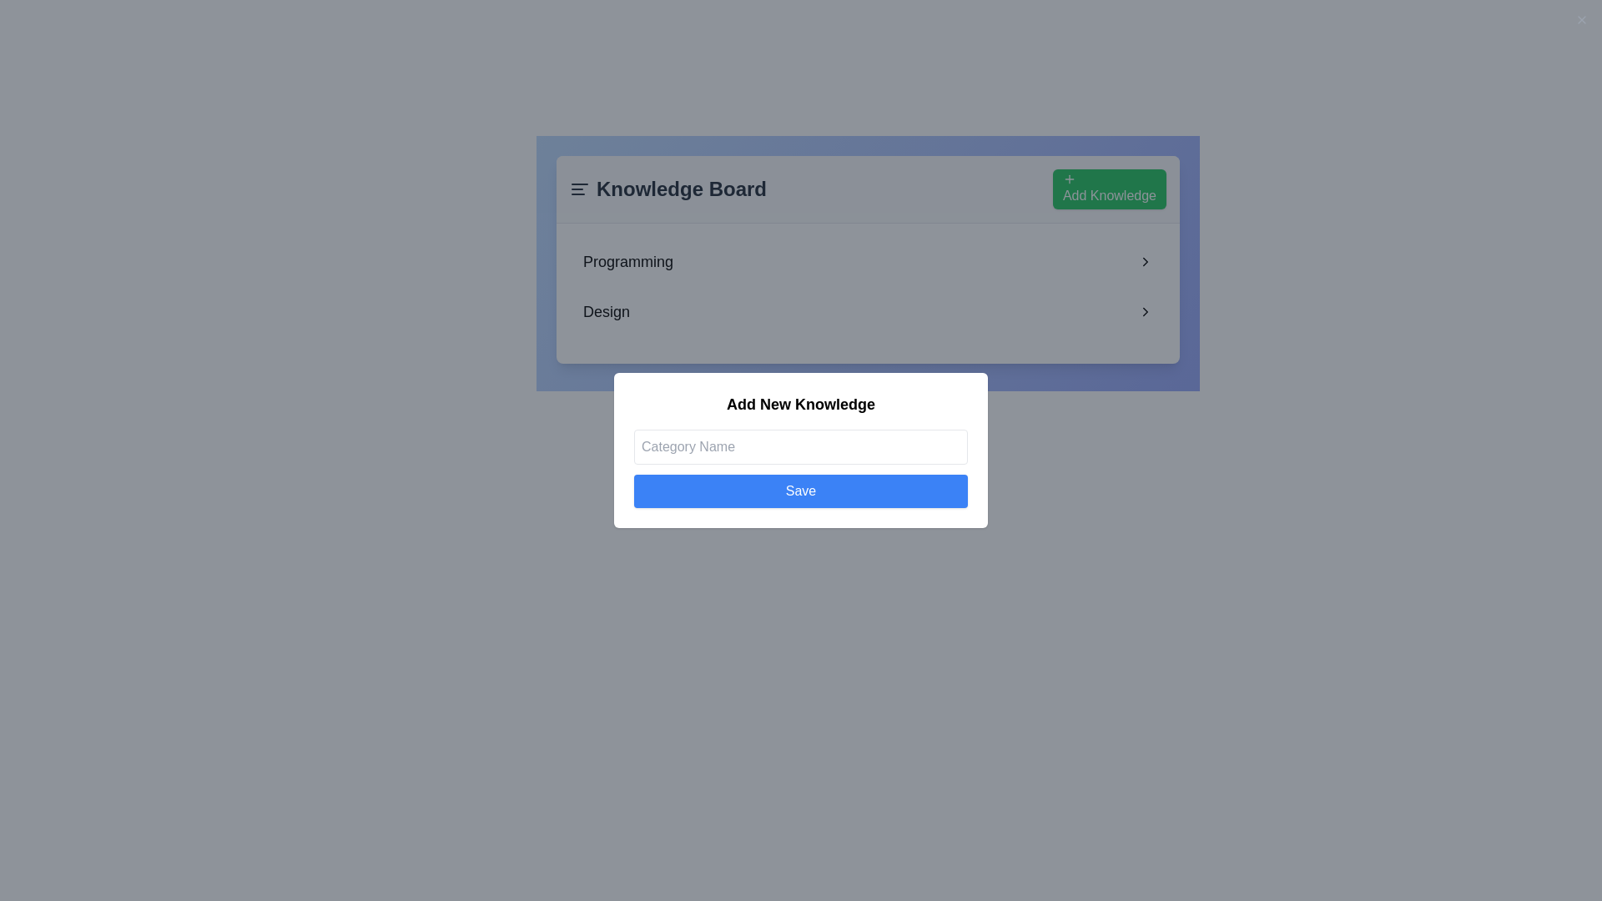 The height and width of the screenshot is (901, 1602). I want to click on displayed text from the 'Programming' category label, which is the first item in the menu under 'Knowledge Board' and is located to the left of an arrow icon, so click(627, 261).